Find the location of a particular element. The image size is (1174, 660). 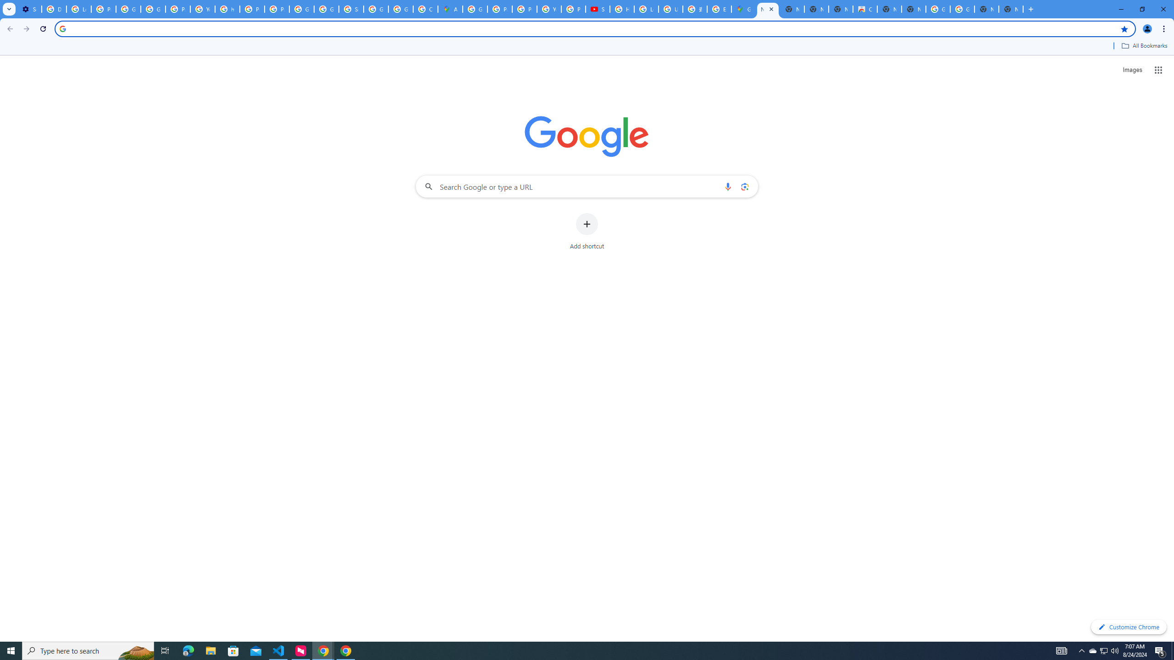

'Privacy Help Center - Policies Help' is located at coordinates (499, 9).